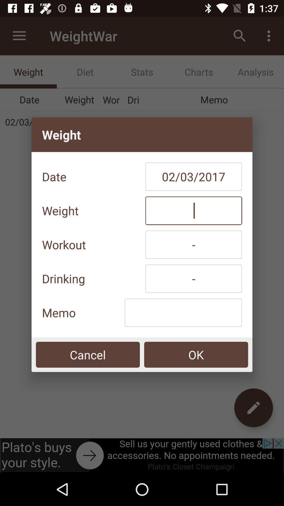 The width and height of the screenshot is (284, 506). I want to click on item above weight icon, so click(194, 177).